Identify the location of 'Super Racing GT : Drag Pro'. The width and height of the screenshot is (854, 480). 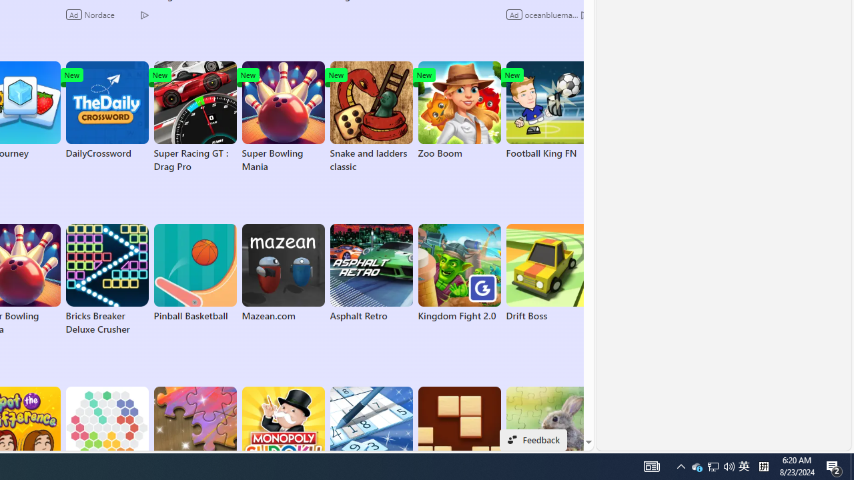
(194, 117).